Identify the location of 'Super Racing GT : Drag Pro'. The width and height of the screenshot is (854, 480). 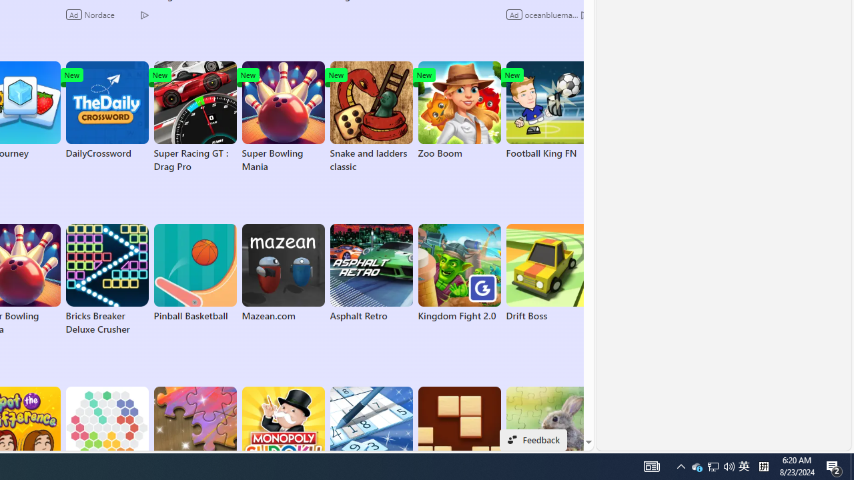
(194, 117).